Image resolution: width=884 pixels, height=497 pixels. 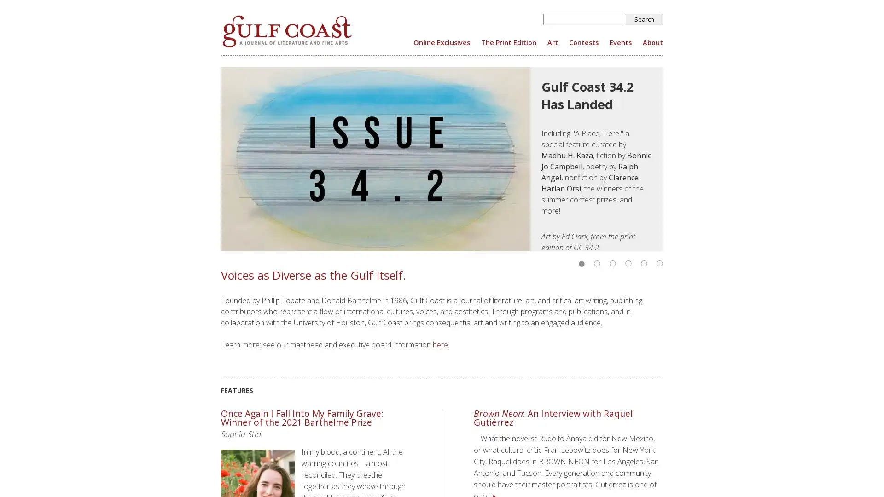 What do you see at coordinates (644, 19) in the screenshot?
I see `Search` at bounding box center [644, 19].